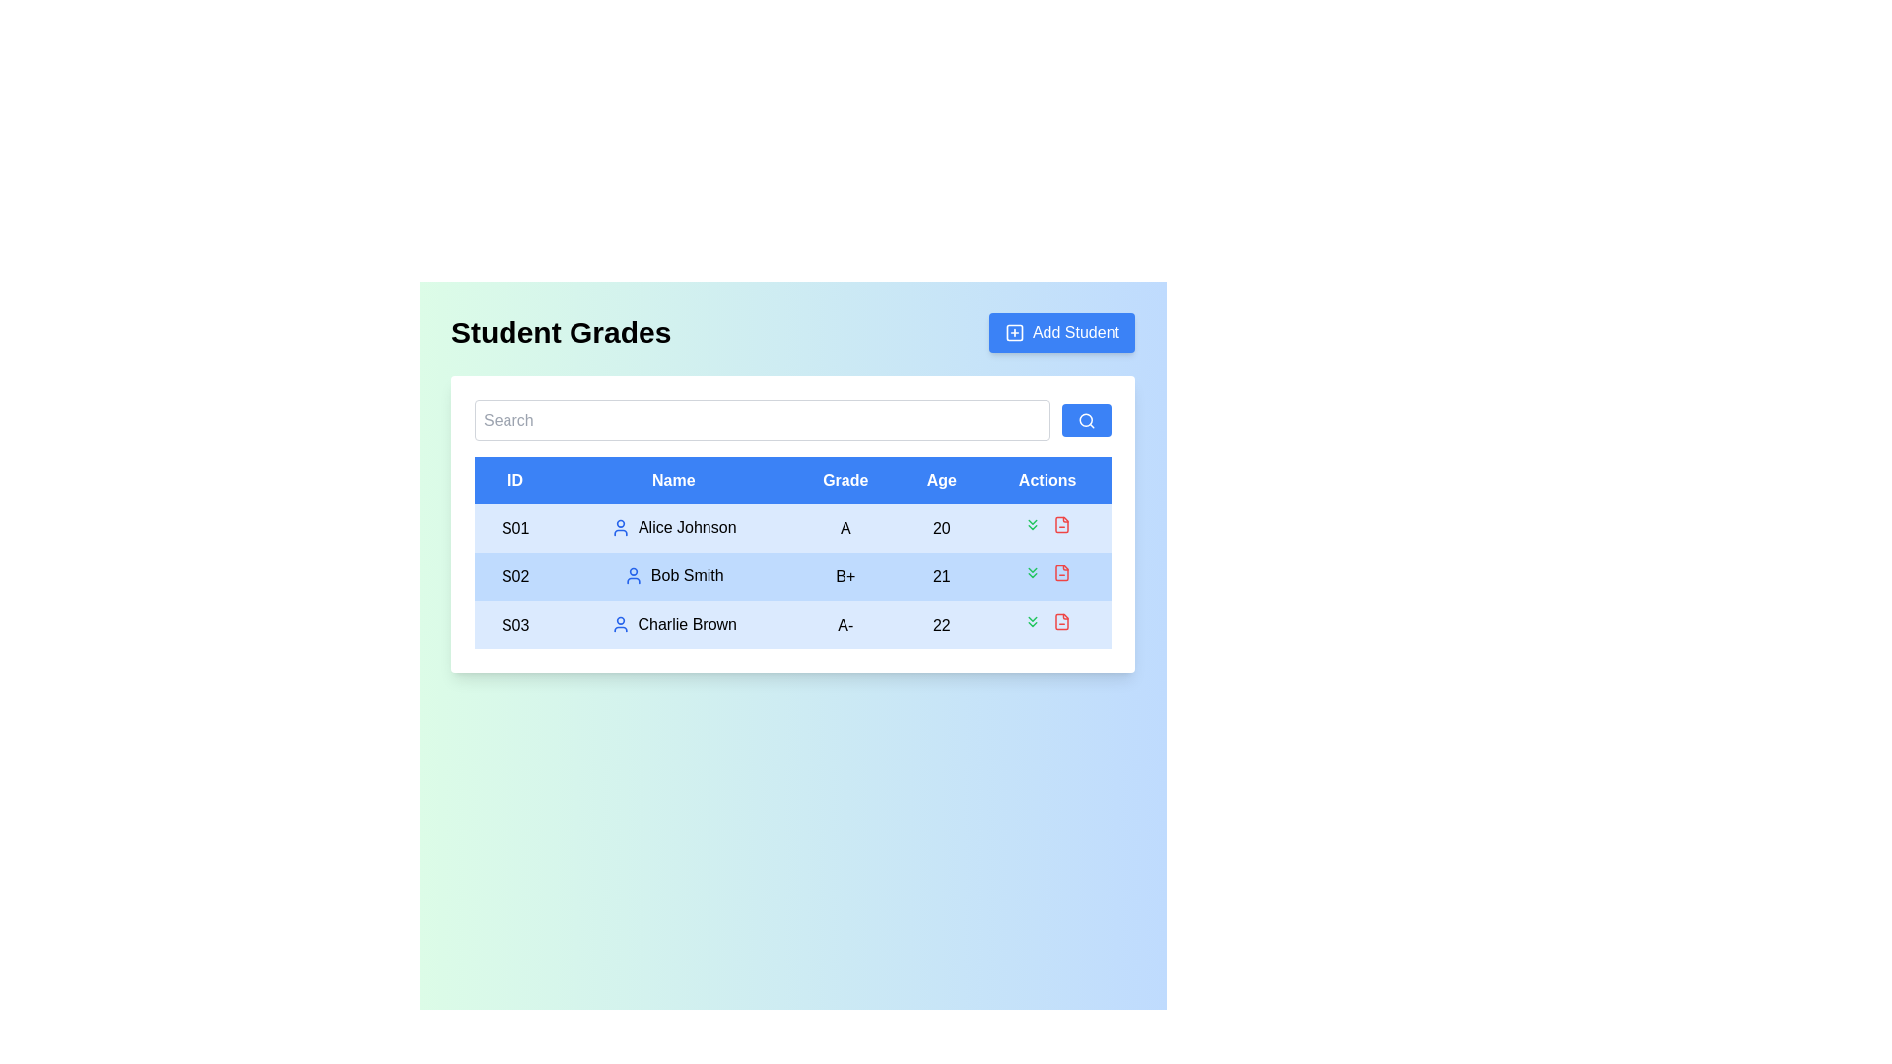 This screenshot has width=1892, height=1064. Describe the element at coordinates (515, 576) in the screenshot. I see `the text field displaying the identifier 'S02' located in the second row of the table under the 'ID' column` at that location.